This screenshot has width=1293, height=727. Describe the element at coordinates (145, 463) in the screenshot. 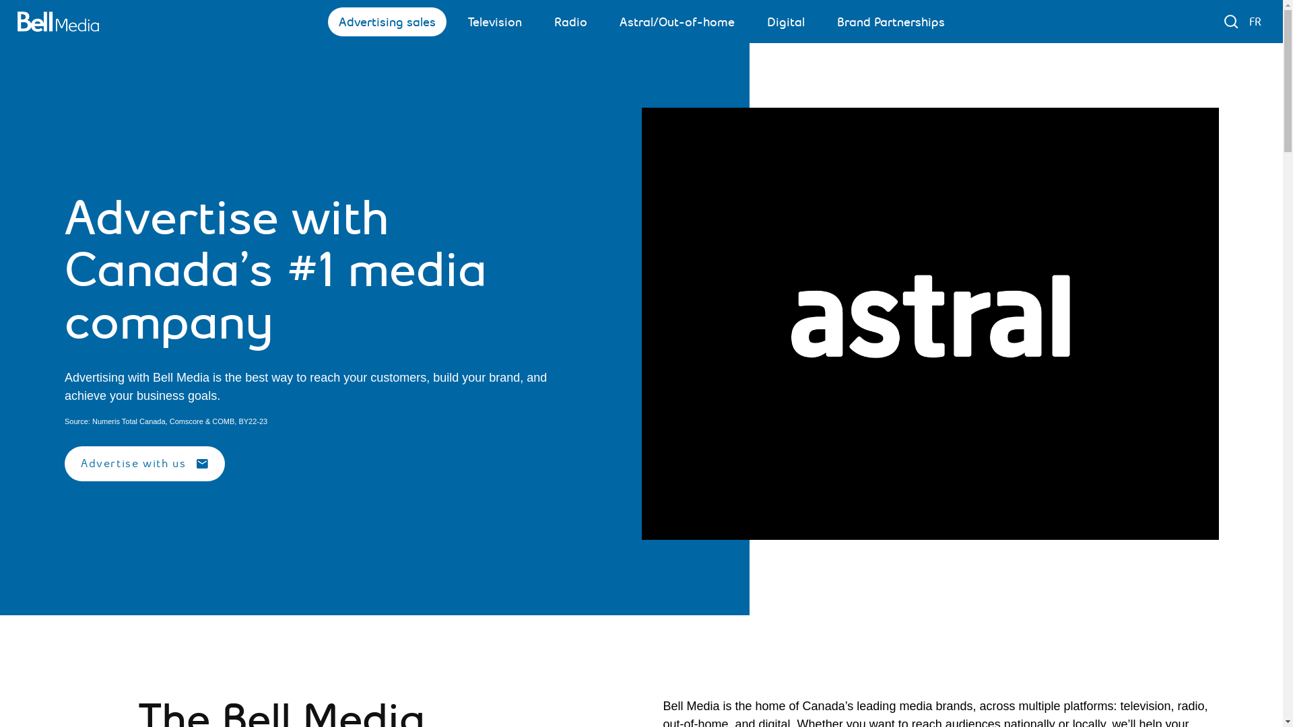

I see `'Advertise with us'` at that location.